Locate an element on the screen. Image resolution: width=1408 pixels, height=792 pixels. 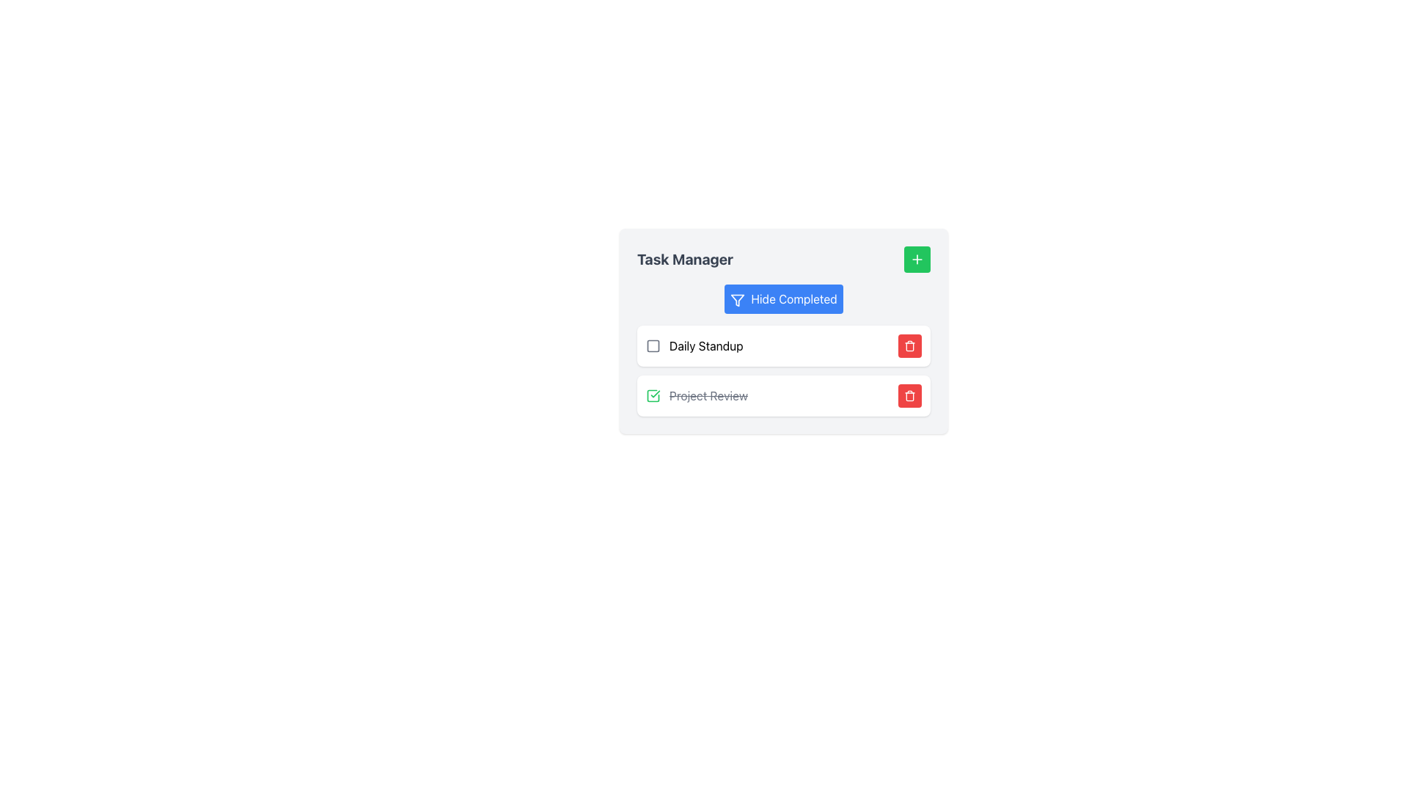
the 'Daily Standup' text label which is part of a list item in a task management interface, positioned as the first item with a checkbox on the left and a red delete button on the right is located at coordinates (706, 345).